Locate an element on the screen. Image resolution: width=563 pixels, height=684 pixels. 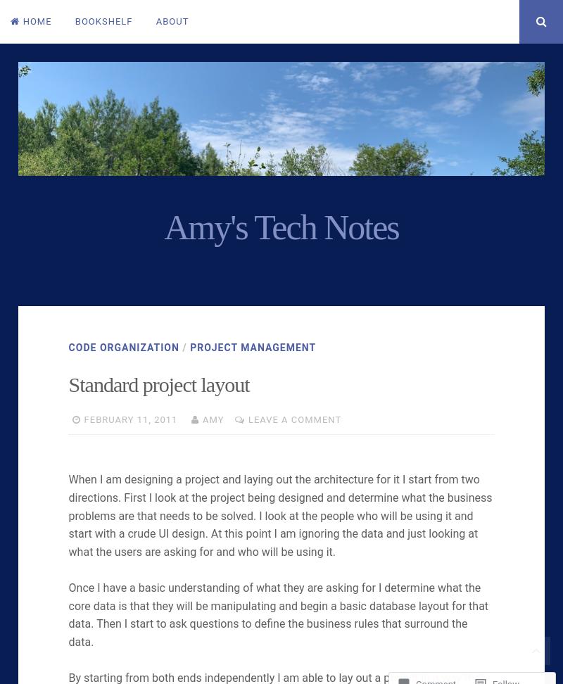
'I look at the people who will be using it and start with a crude UI design.' is located at coordinates (270, 524).